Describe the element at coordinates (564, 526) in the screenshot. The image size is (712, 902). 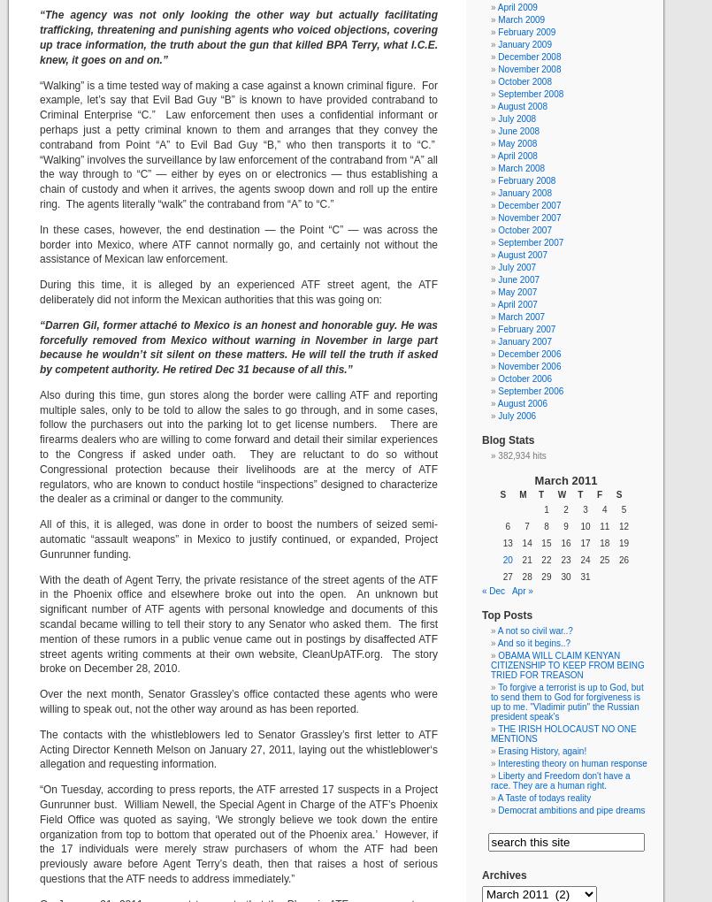
I see `'9'` at that location.